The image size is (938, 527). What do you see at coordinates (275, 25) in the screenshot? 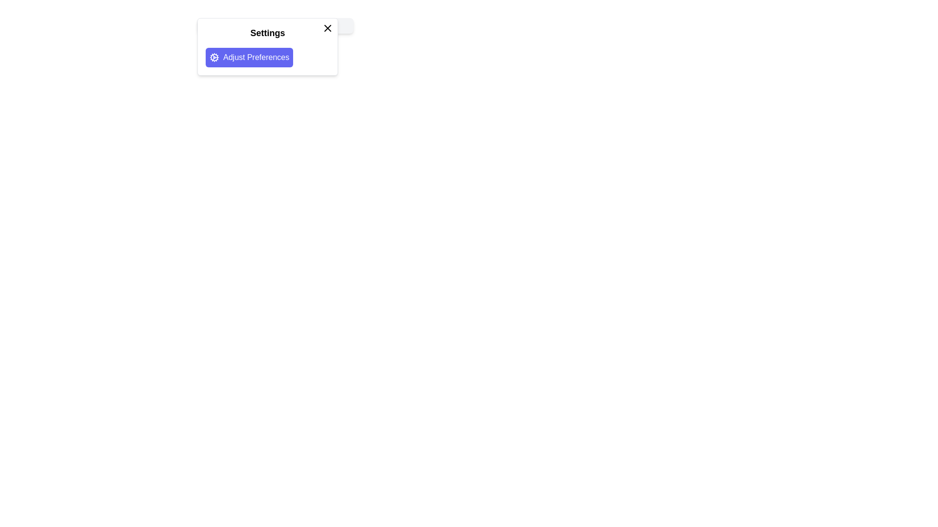
I see `the 'Settings' title text in the modal, which serves as the header indicating the modal's purpose` at bounding box center [275, 25].